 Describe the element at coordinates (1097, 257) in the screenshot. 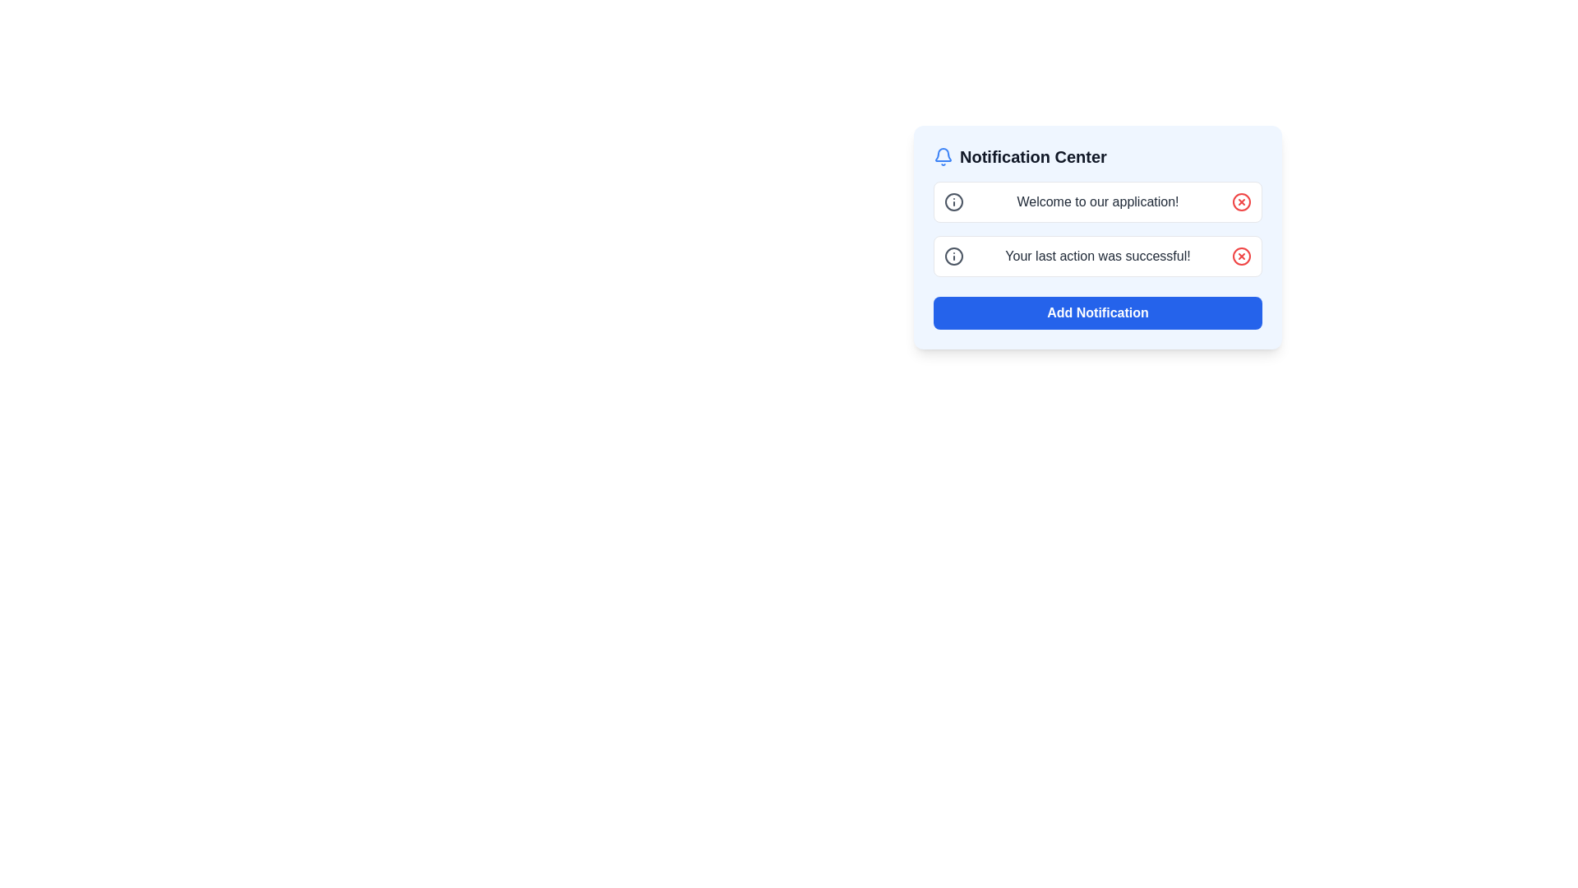

I see `the text label that reads 'Your last action was successful!' which is located in the second notification panel, positioned between an information icon on the left and a red 'close' icon on the right` at that location.